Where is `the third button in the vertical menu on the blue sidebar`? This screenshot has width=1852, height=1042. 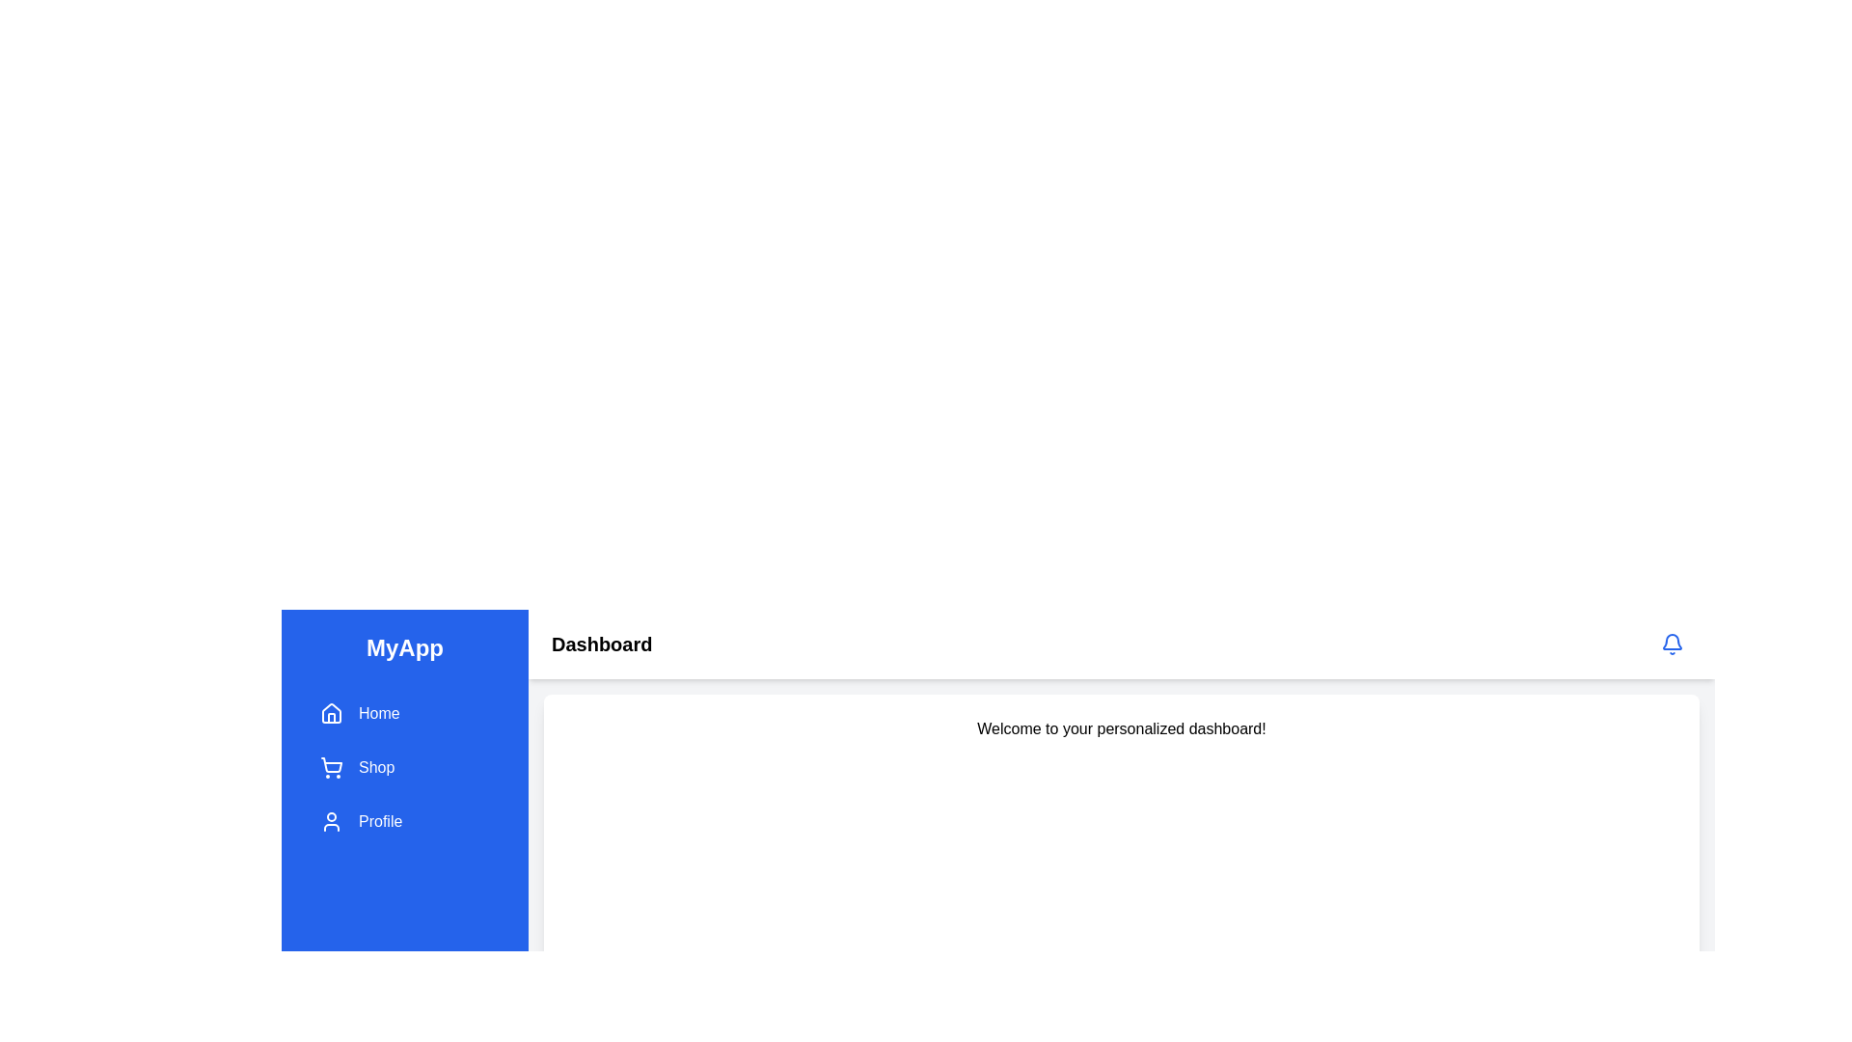
the third button in the vertical menu on the blue sidebar is located at coordinates (404, 822).